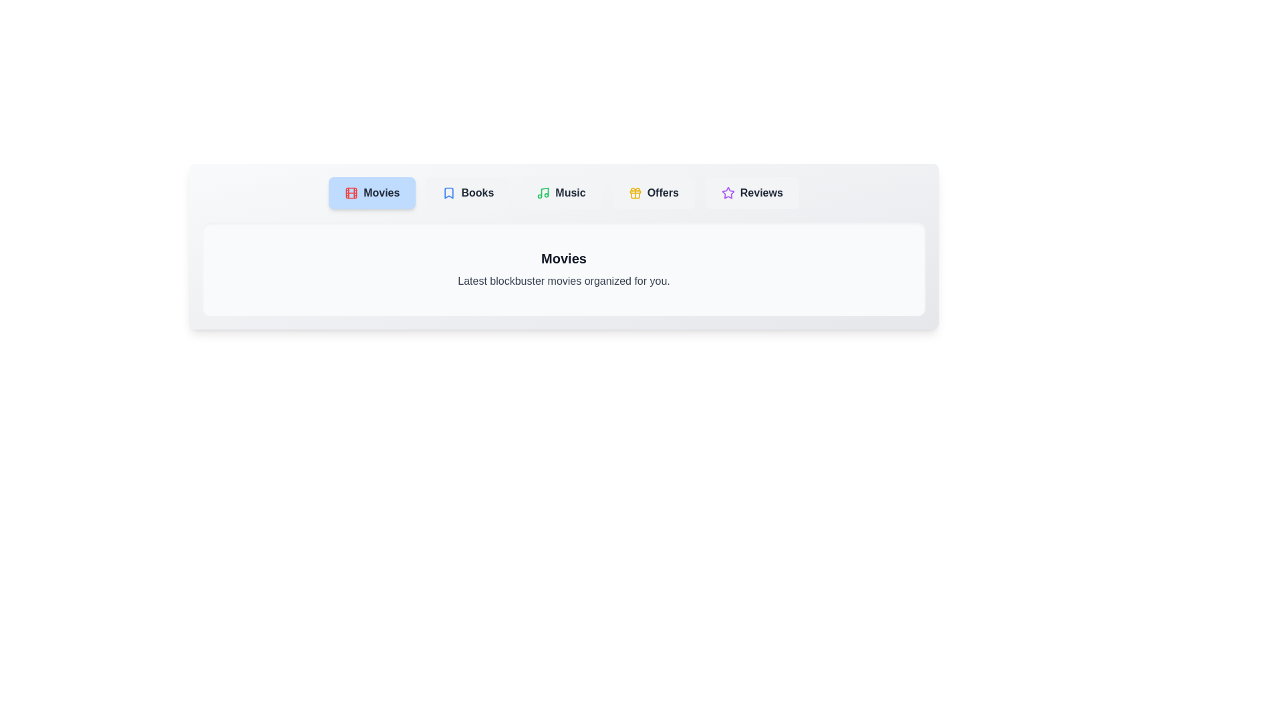  Describe the element at coordinates (654, 193) in the screenshot. I see `the tab labeled Offers to switch to its content` at that location.